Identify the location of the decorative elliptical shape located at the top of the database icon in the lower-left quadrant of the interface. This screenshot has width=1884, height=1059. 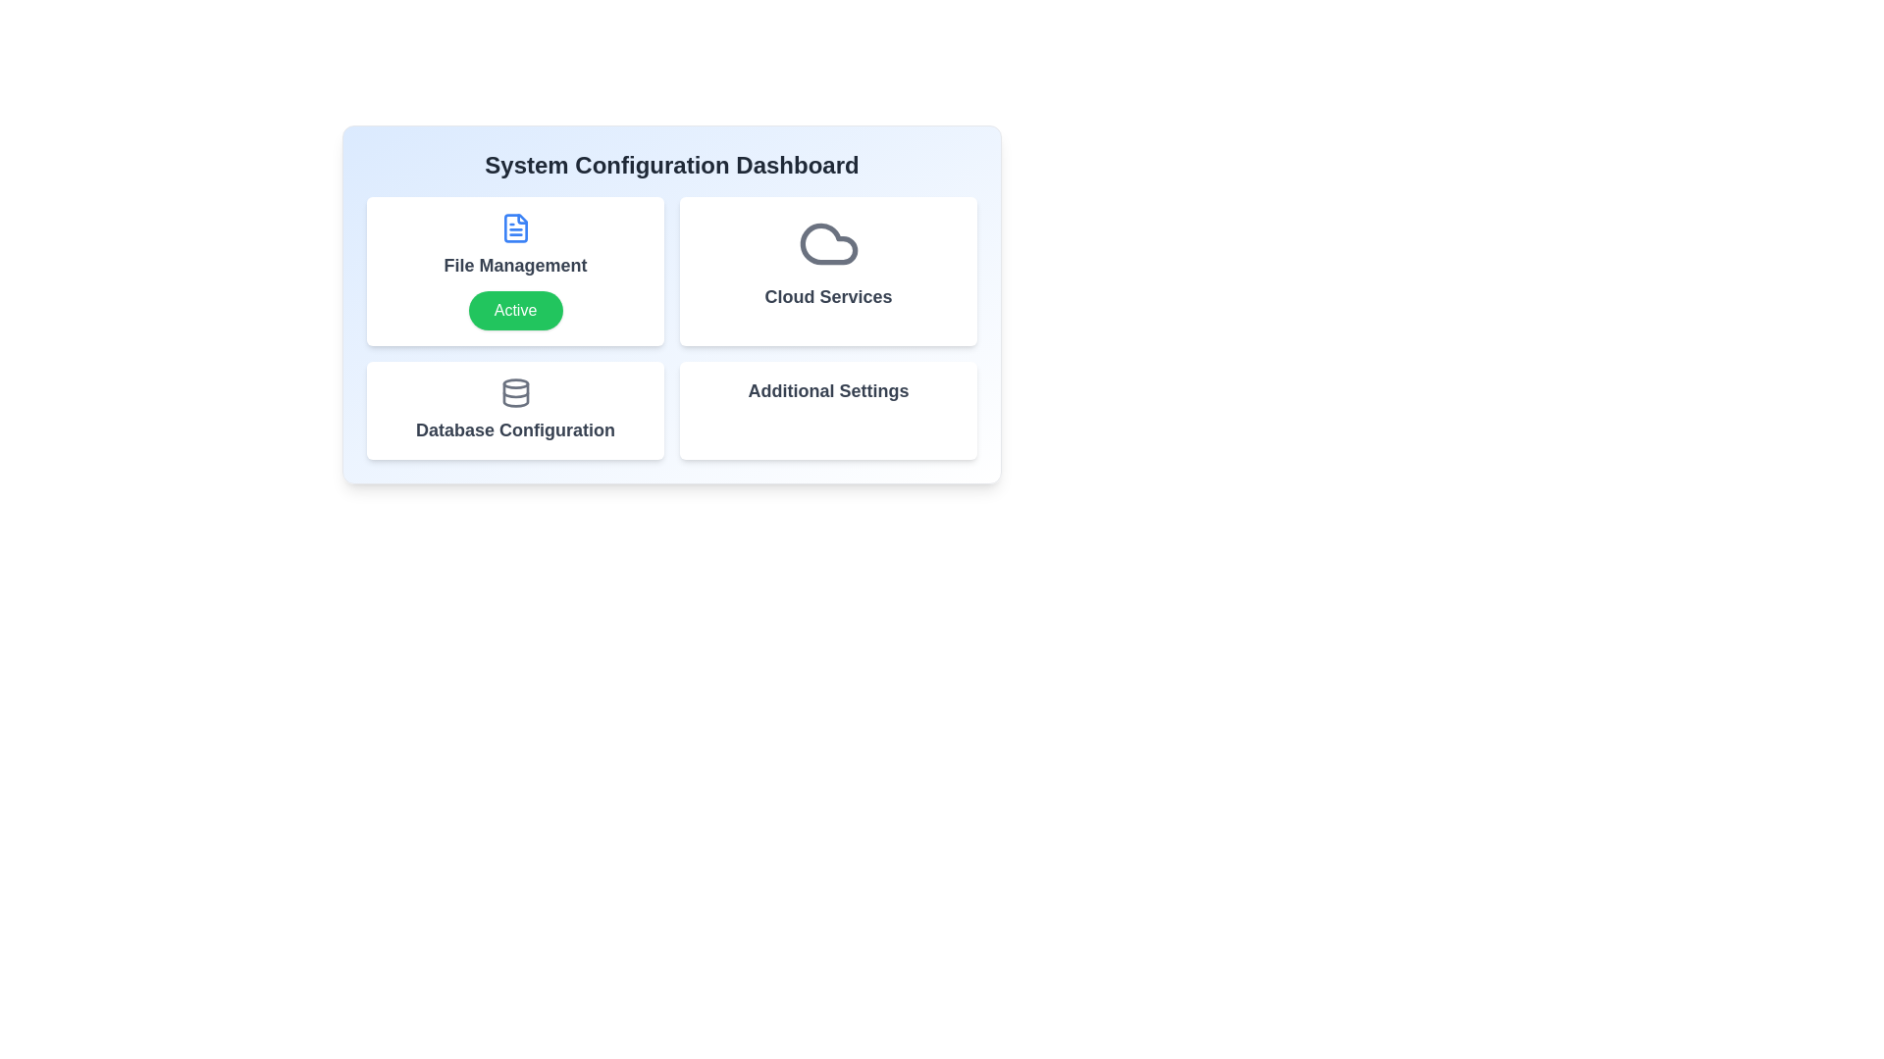
(515, 383).